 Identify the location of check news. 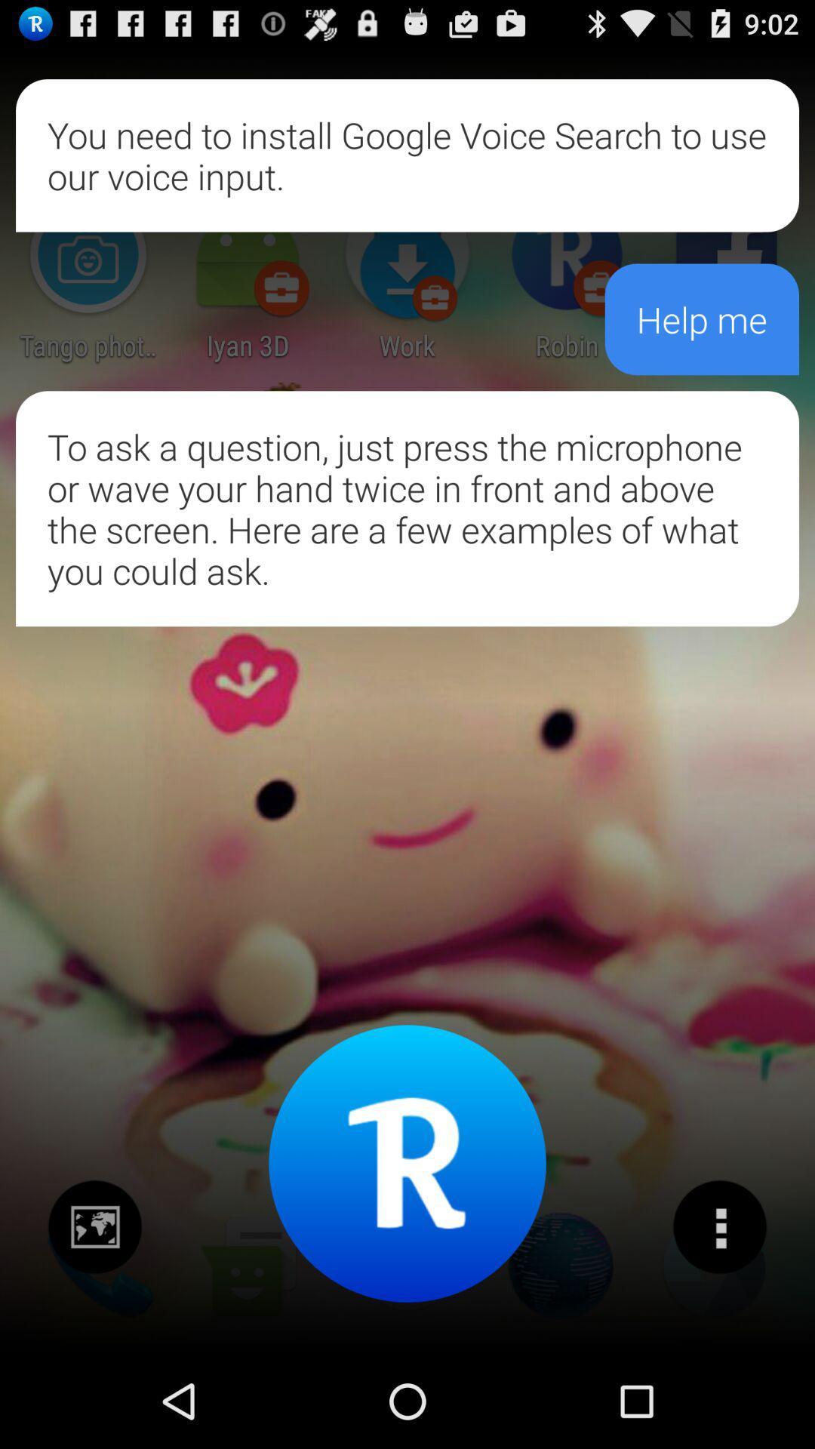
(95, 1227).